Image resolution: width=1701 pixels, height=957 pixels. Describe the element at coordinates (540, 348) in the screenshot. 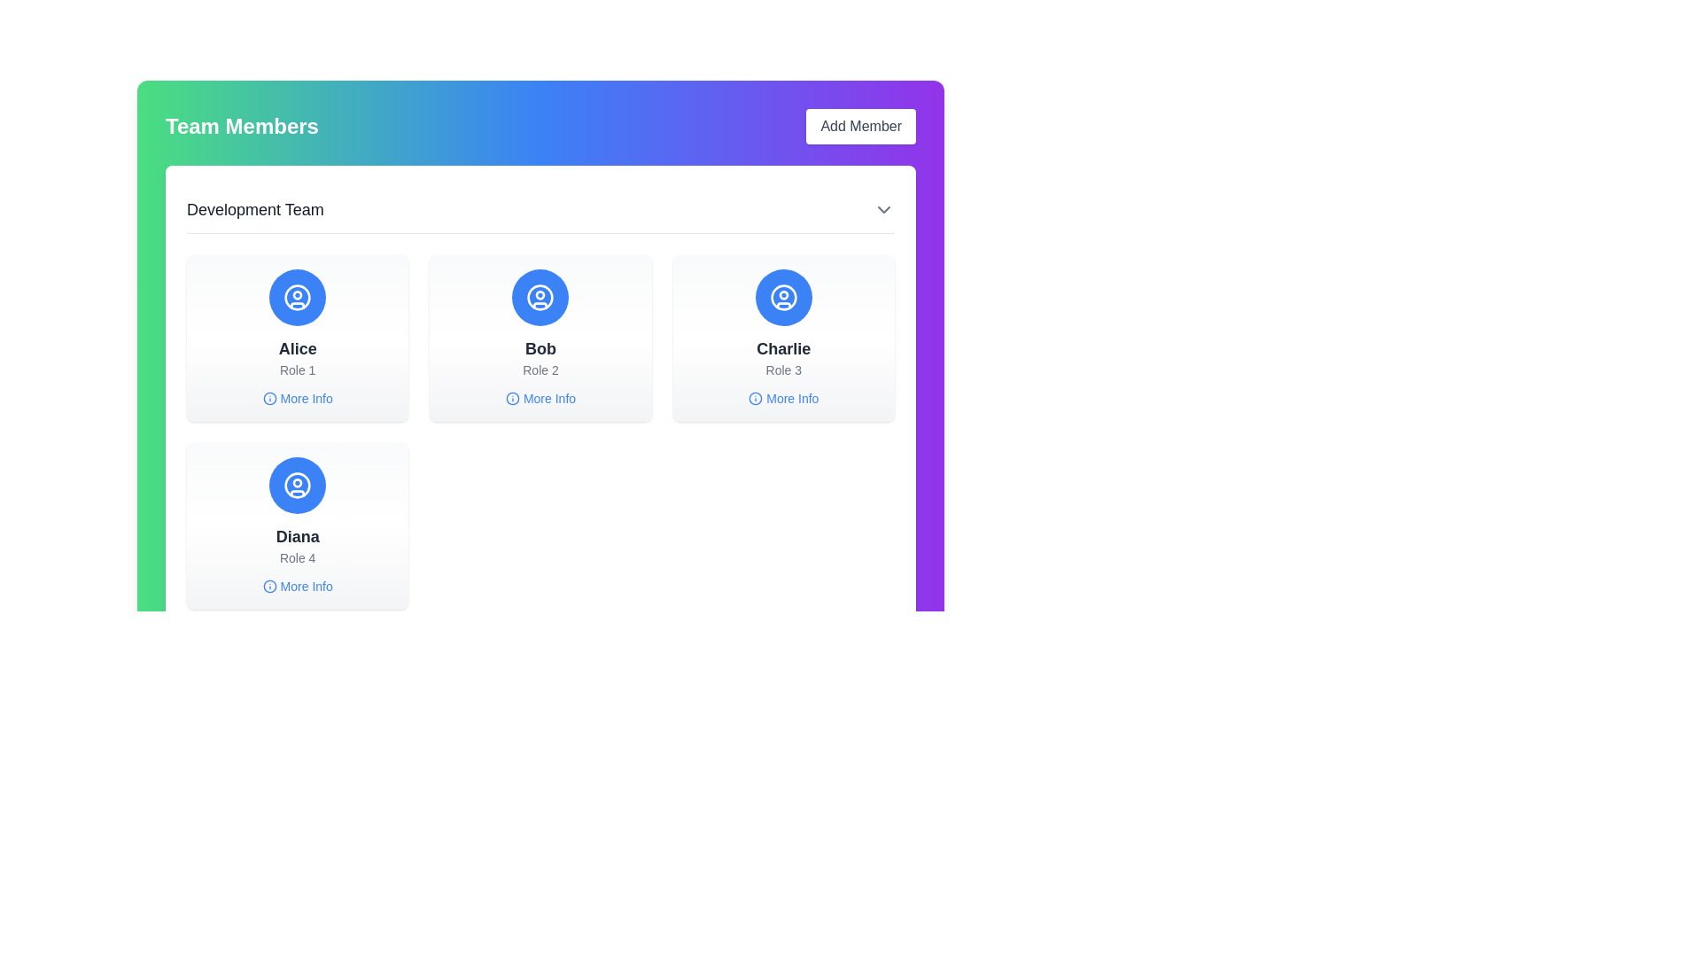

I see `the text label 'Bob' in 'Bob's card' to bring up additional options or context menu` at that location.